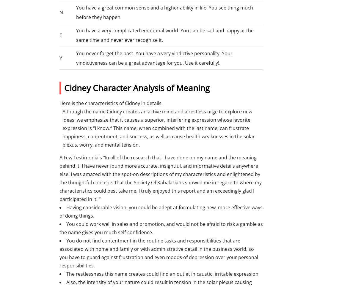  I want to click on 'A Few Testimonials 
 "In all of the research that I have done on my name and the meaning 
 behind it, I have never found more accurate, insightful, and informative details anywhere else! I was amazed with the 
 spot-on descriptions of my characteristics and enlightened by the thoughtful concepts that the Society Of Kabalarians showed me in 
 regard to where my characteristics could best take me. I truly enjoyed this report and am exceedingly 
 glad I participated in it.
 "', so click(59, 178).